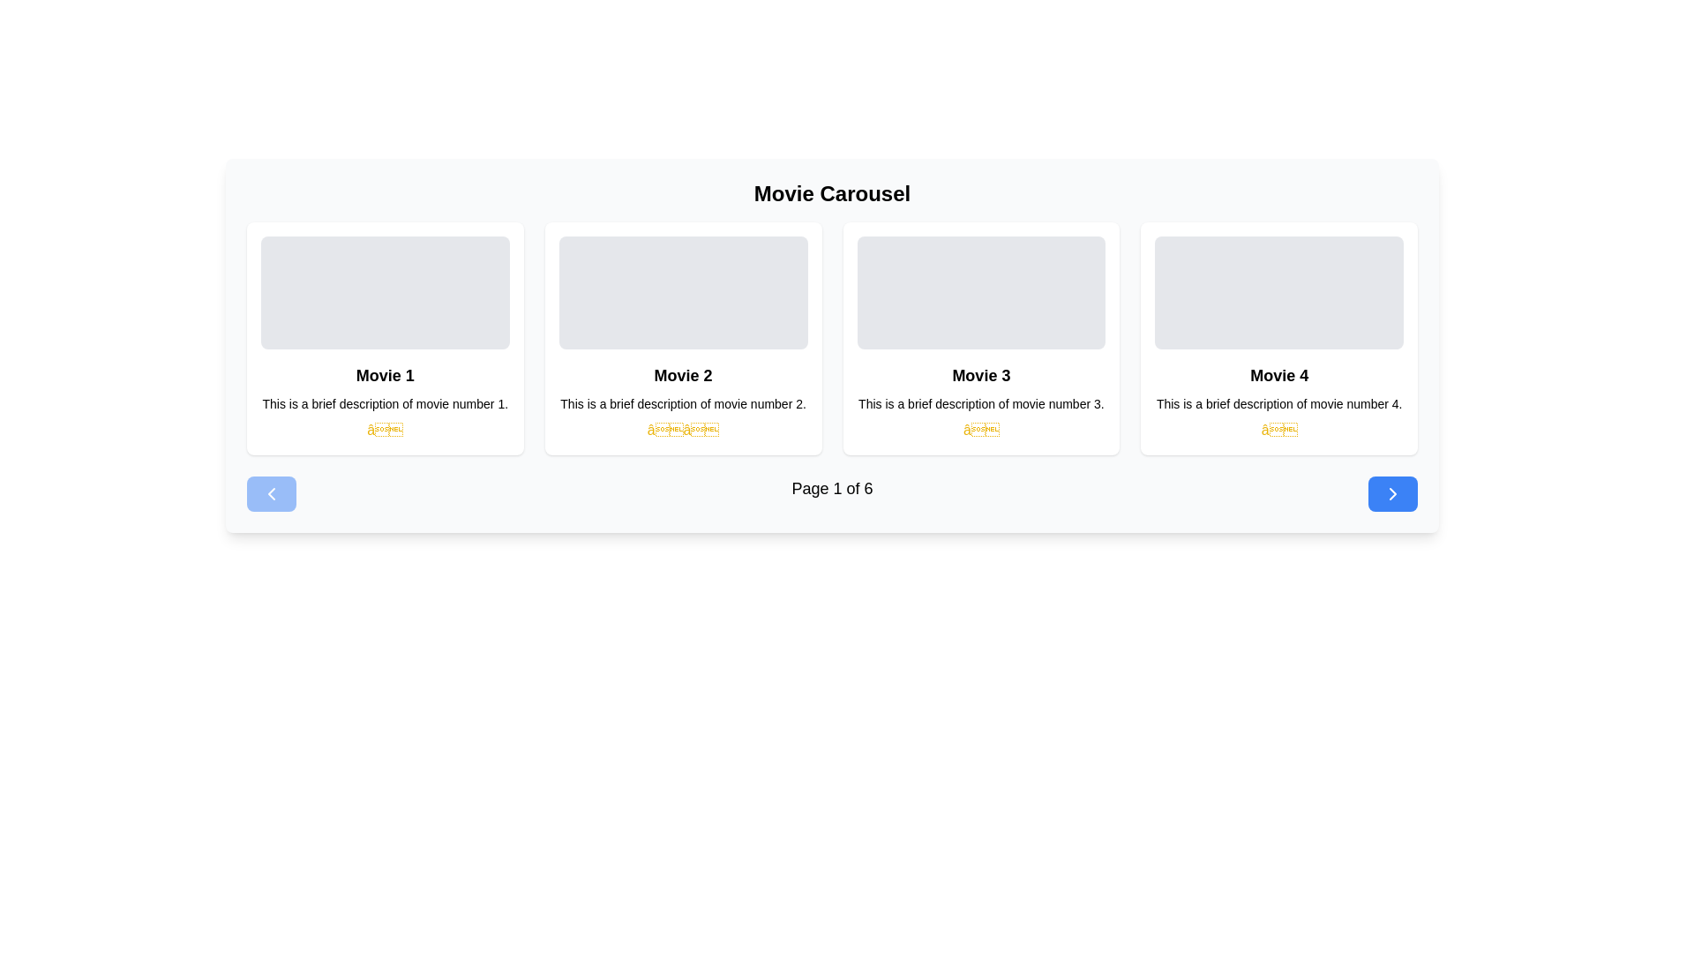  Describe the element at coordinates (384, 404) in the screenshot. I see `text content of the Text label element that displays 'This is a brief description of movie number 1.' located below the title 'Movie 1'` at that location.